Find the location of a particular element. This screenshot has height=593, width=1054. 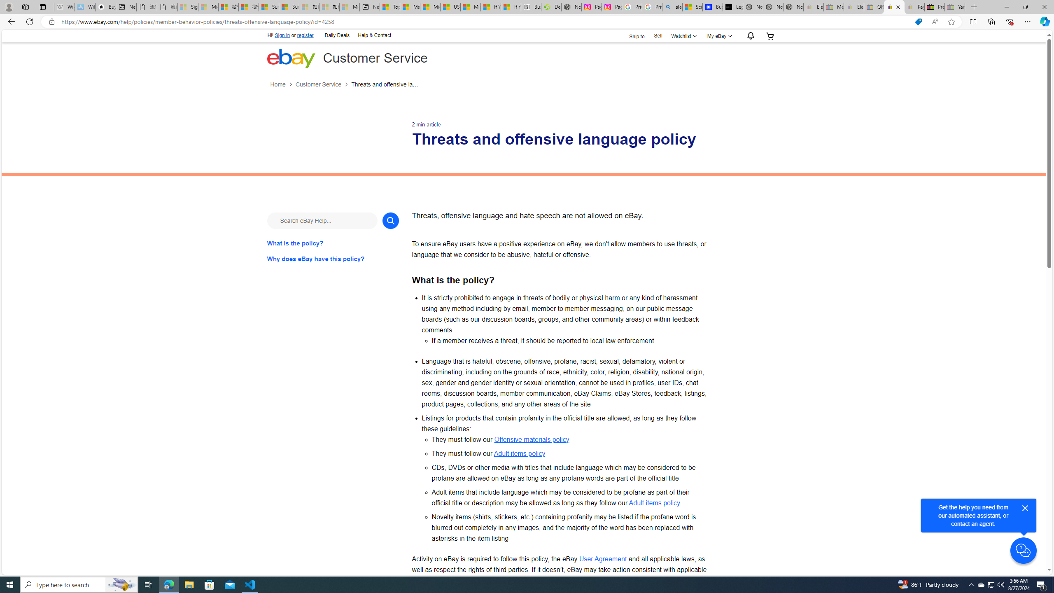

'My eBayExpand My eBay' is located at coordinates (718, 36).